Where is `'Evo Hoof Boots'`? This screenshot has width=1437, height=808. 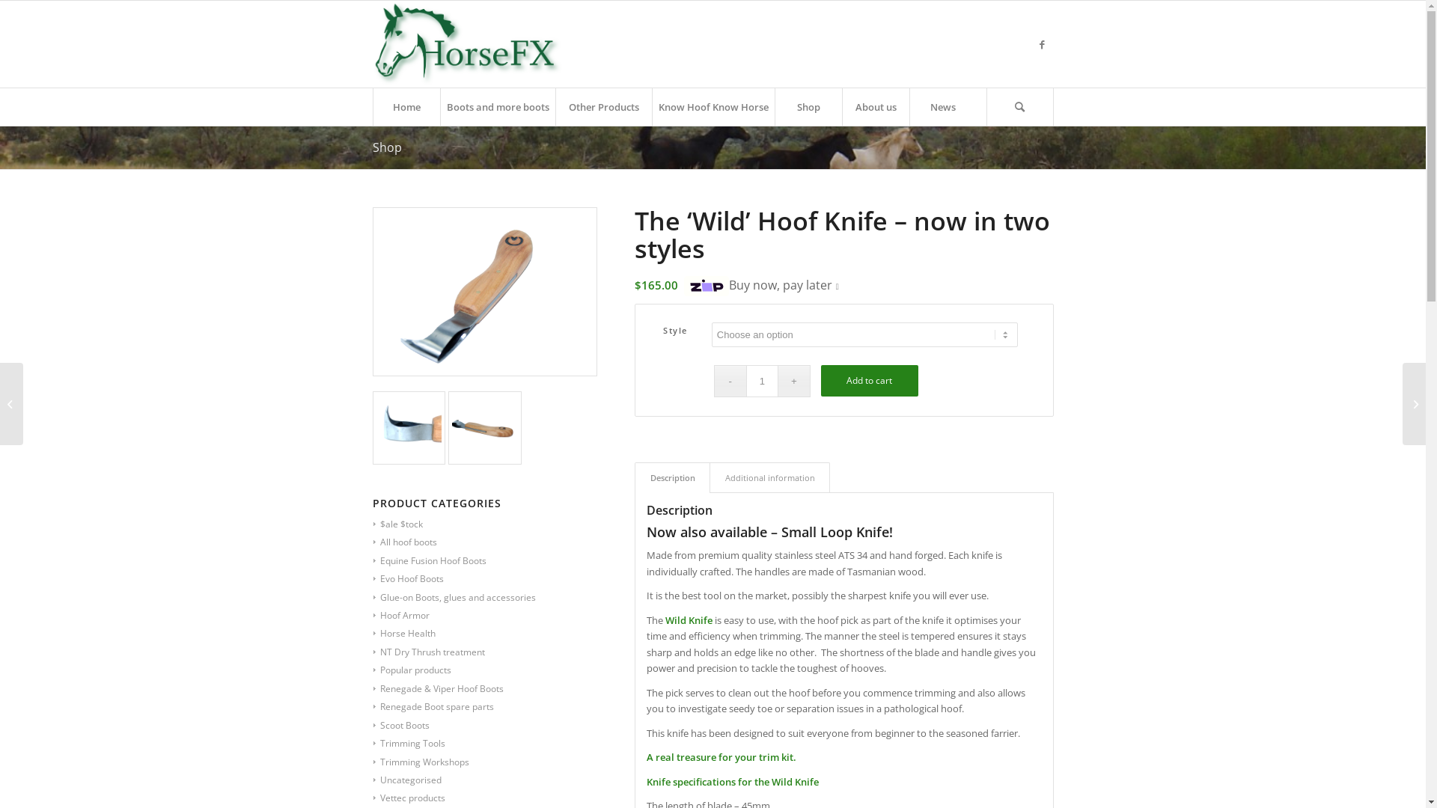
'Evo Hoof Boots' is located at coordinates (408, 578).